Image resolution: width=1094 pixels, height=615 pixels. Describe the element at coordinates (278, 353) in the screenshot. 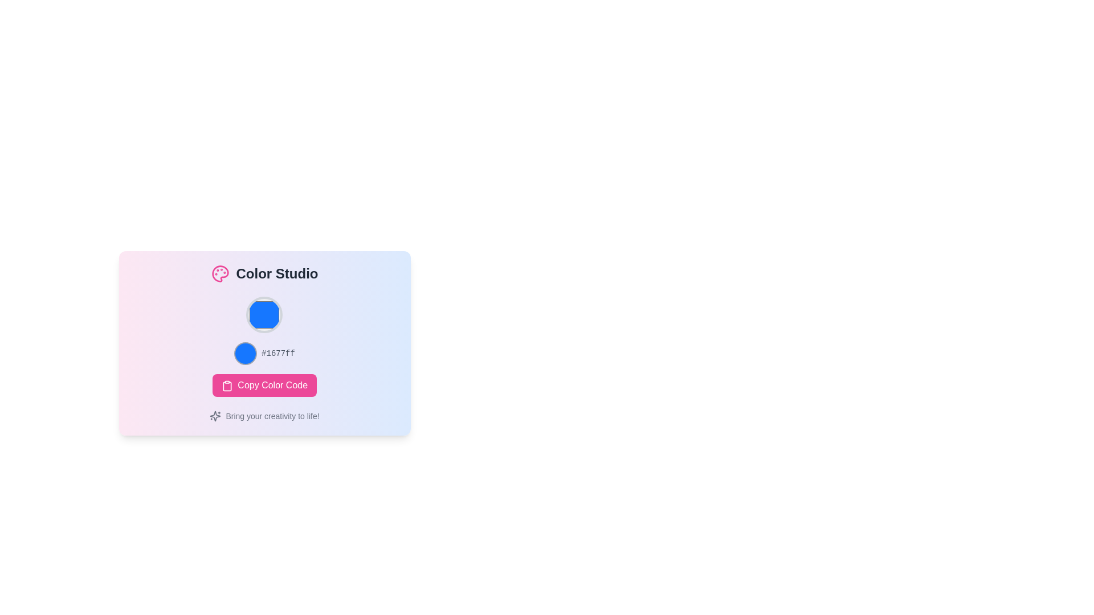

I see `the Text Label displaying the color code that is positioned to the right of the circular color preview` at that location.